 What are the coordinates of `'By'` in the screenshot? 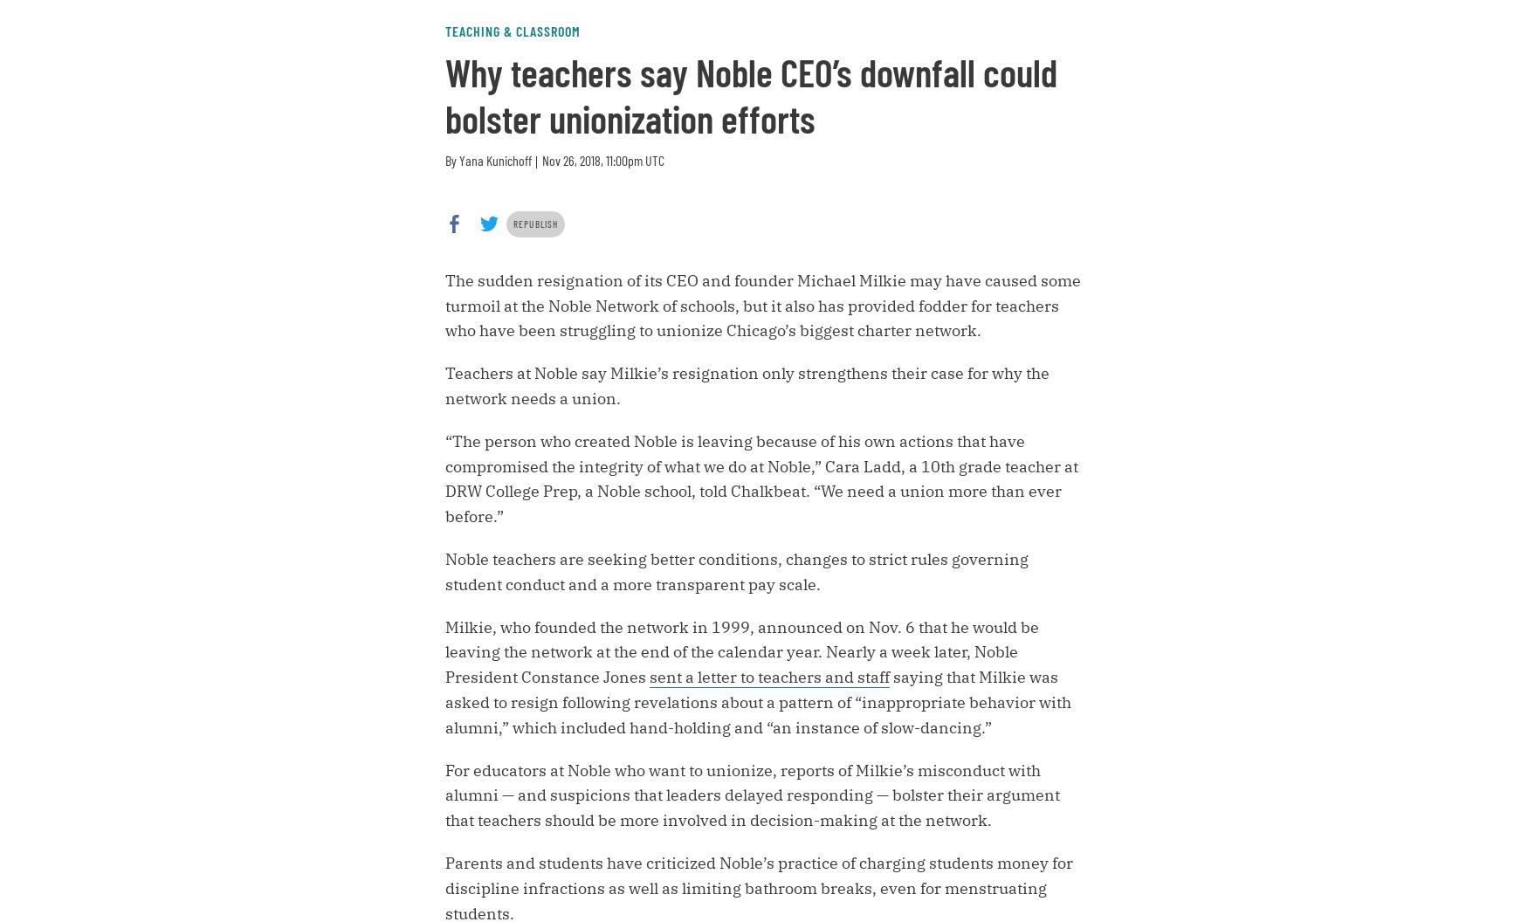 It's located at (451, 159).